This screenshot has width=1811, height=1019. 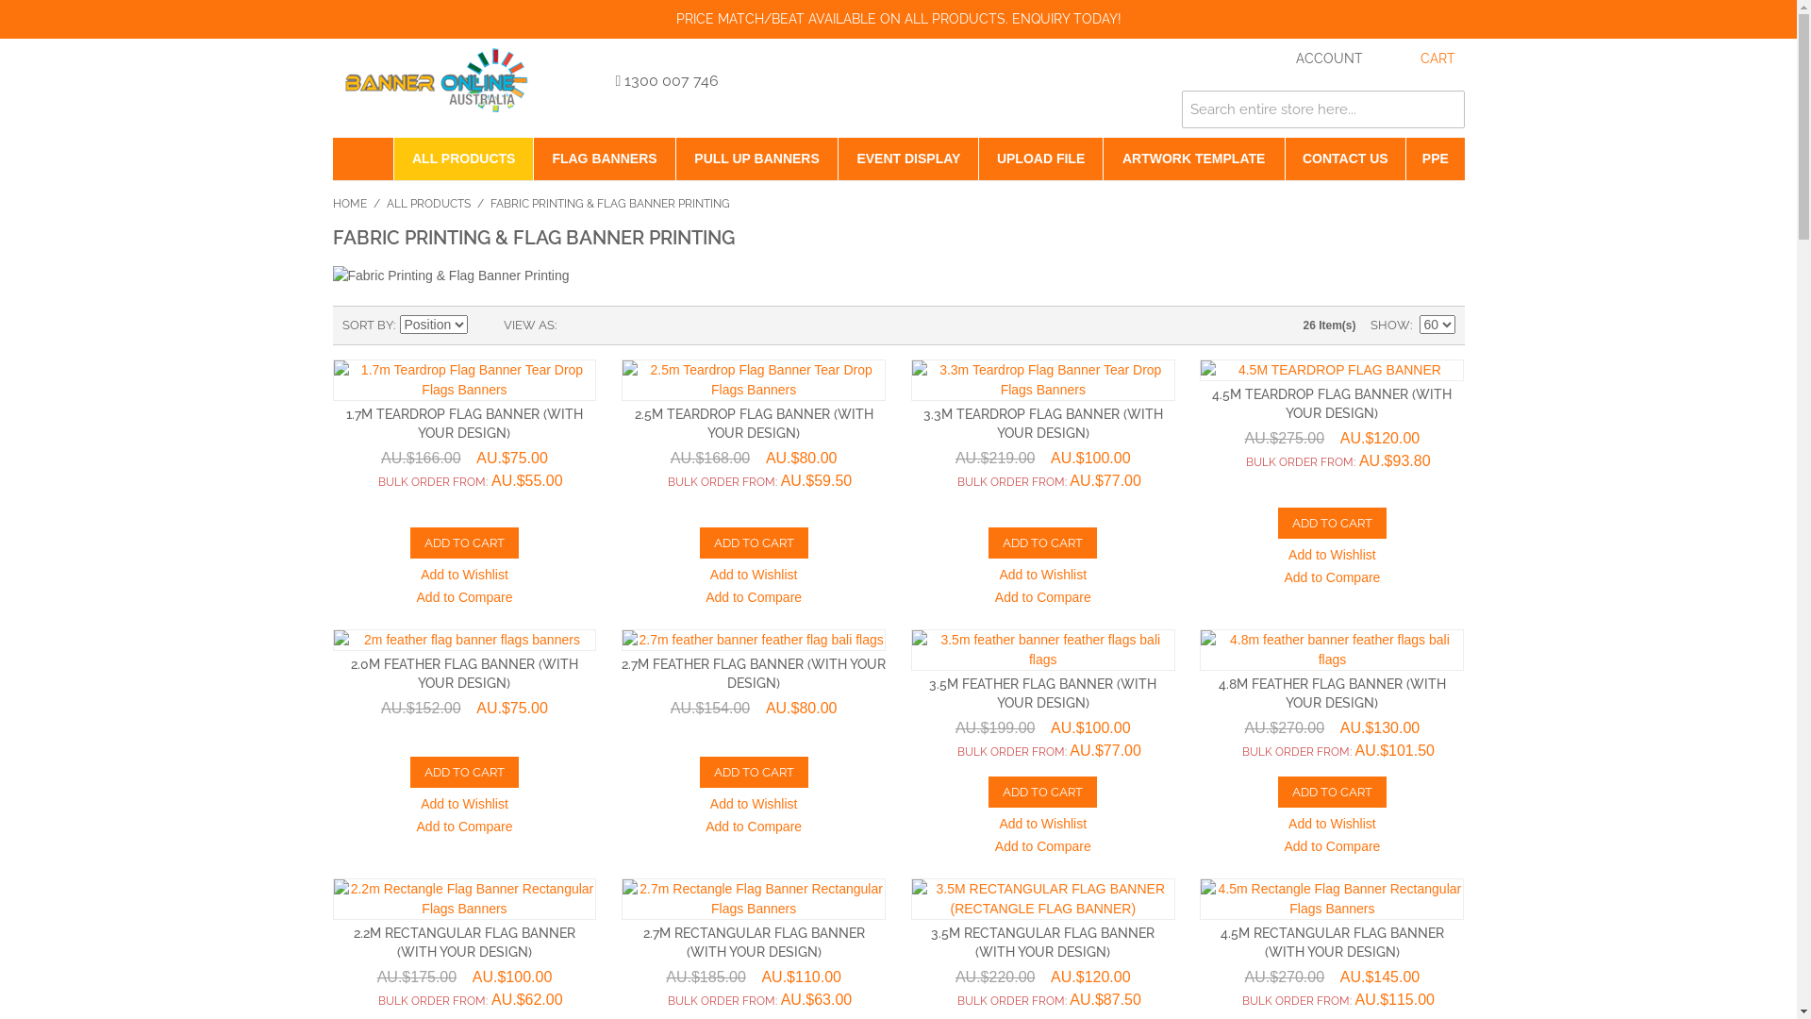 What do you see at coordinates (331, 897) in the screenshot?
I see `'2.2m Rectangle Flag Banner Rectangular Flags Banners'` at bounding box center [331, 897].